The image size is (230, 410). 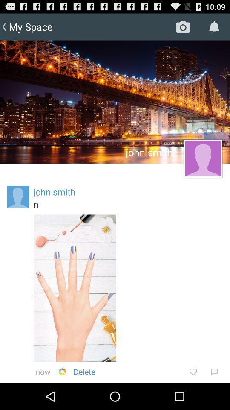 I want to click on n, so click(x=128, y=204).